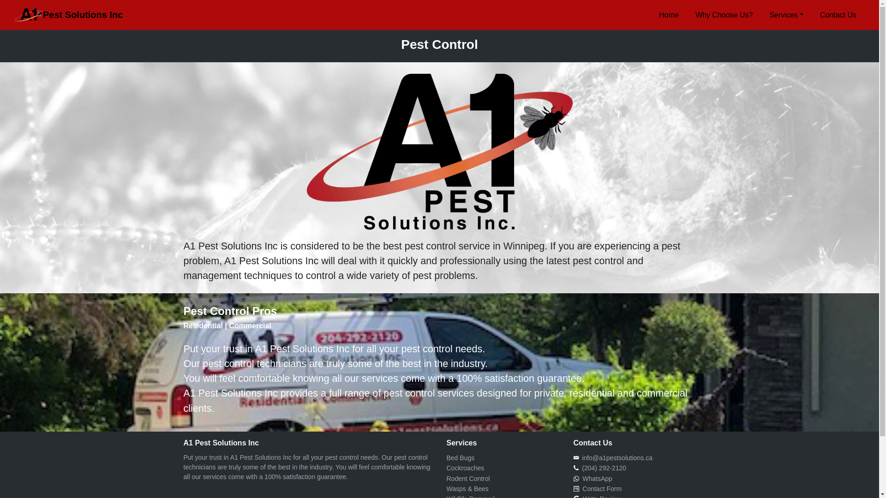 The height and width of the screenshot is (498, 886). What do you see at coordinates (467, 488) in the screenshot?
I see `'Wasps & Bees'` at bounding box center [467, 488].